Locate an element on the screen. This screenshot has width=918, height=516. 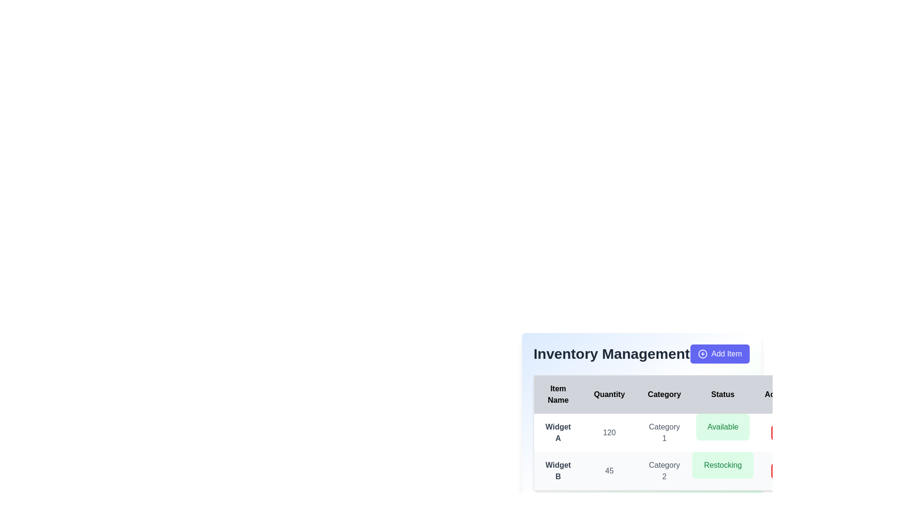
the header cell labeled 'Quantity' in the Inventory Management table, which is the second cell from the left, displaying bold black text on a gray background is located at coordinates (609, 394).